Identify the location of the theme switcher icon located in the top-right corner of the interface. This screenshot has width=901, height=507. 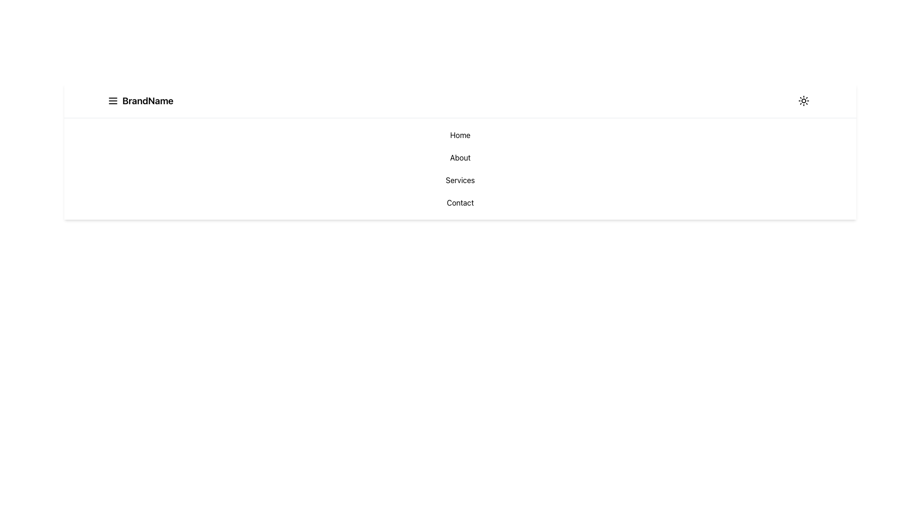
(803, 101).